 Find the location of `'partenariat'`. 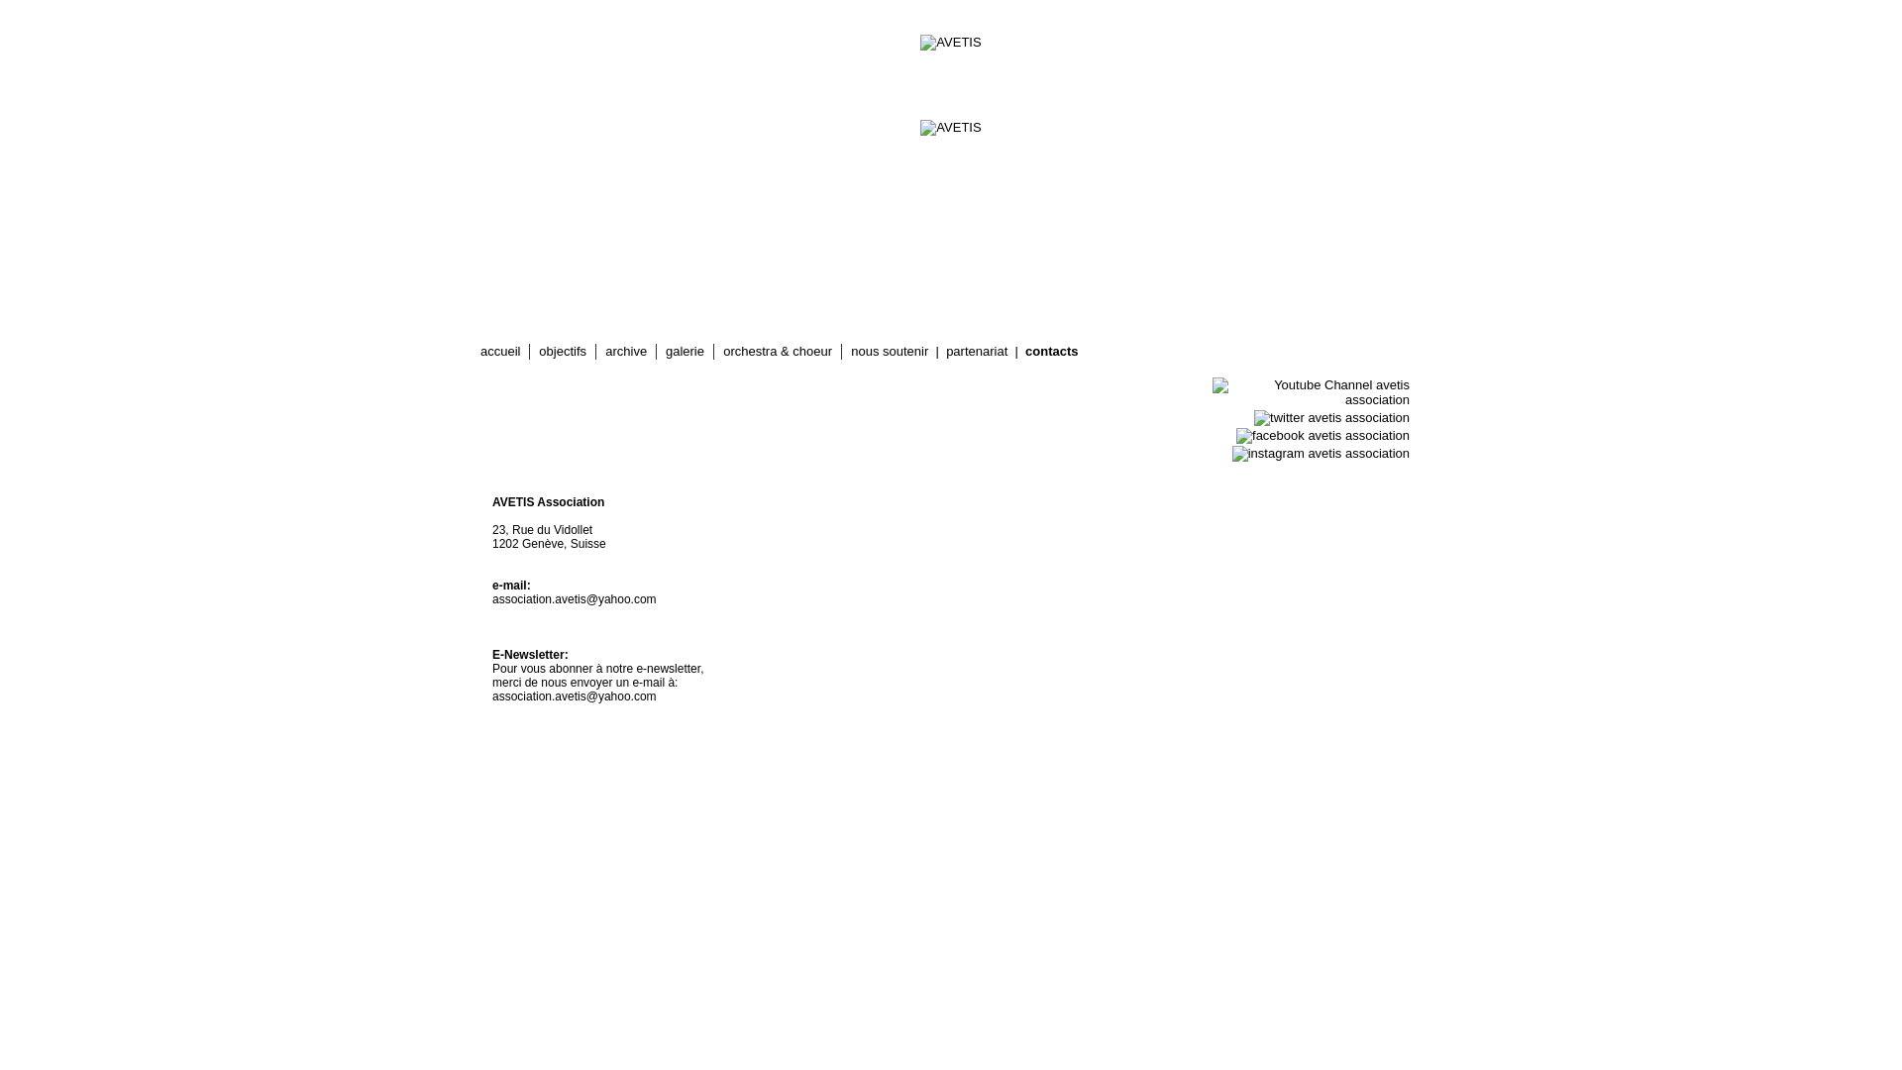

'partenariat' is located at coordinates (945, 350).